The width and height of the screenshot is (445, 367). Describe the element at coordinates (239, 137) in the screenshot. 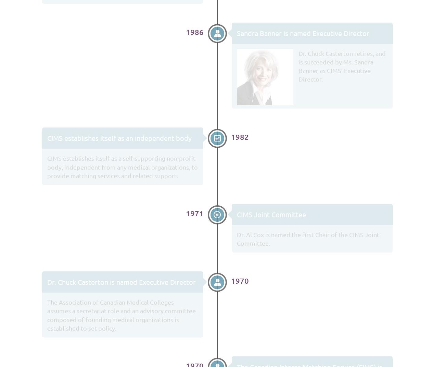

I see `'1982'` at that location.